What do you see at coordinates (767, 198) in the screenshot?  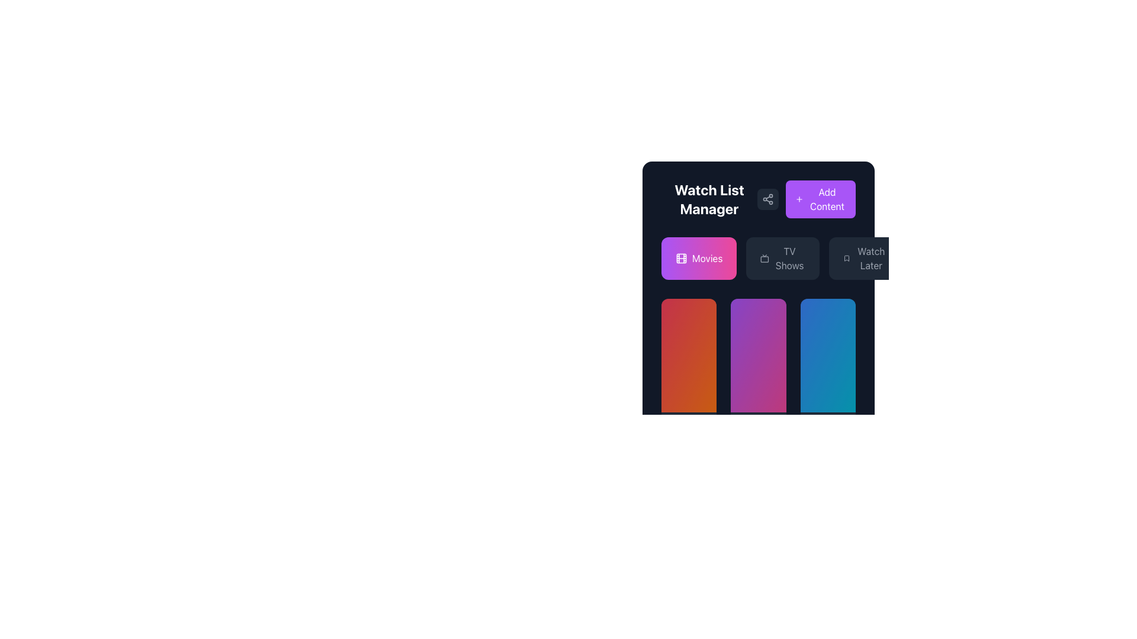 I see `the share symbol icon embedded in the button located in the 'Watch List Manager' interface` at bounding box center [767, 198].